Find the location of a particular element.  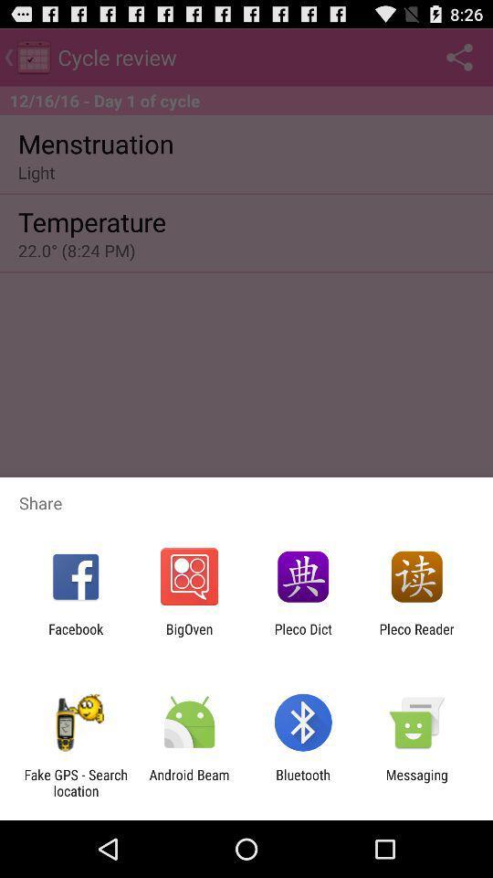

the bigoven icon is located at coordinates (188, 637).